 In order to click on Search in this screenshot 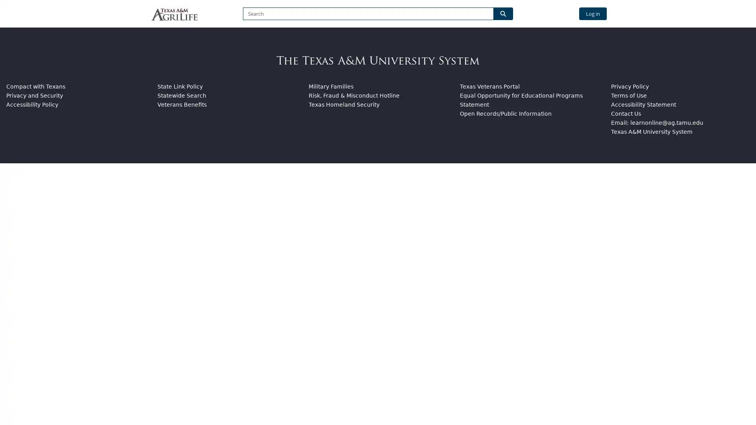, I will do `click(503, 13)`.